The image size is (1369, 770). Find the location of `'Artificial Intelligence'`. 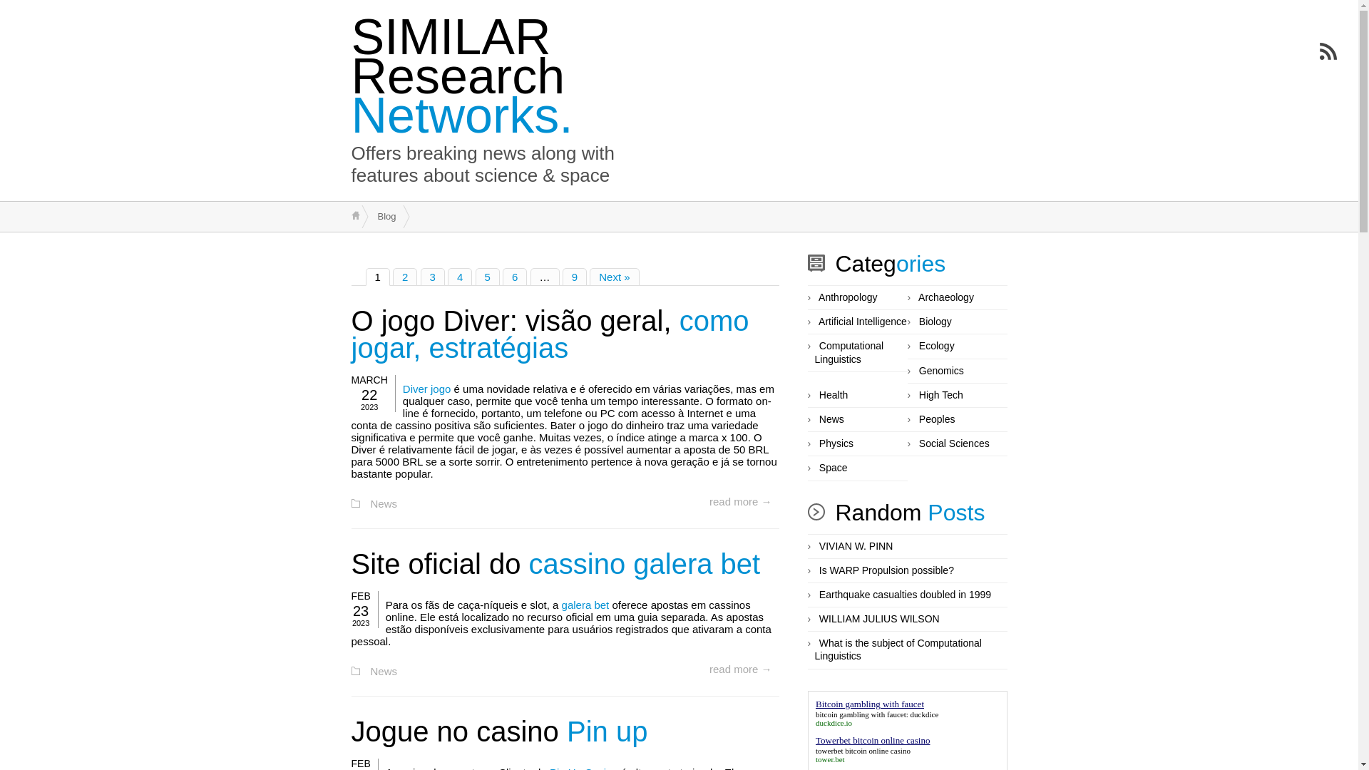

'Artificial Intelligence' is located at coordinates (818, 322).